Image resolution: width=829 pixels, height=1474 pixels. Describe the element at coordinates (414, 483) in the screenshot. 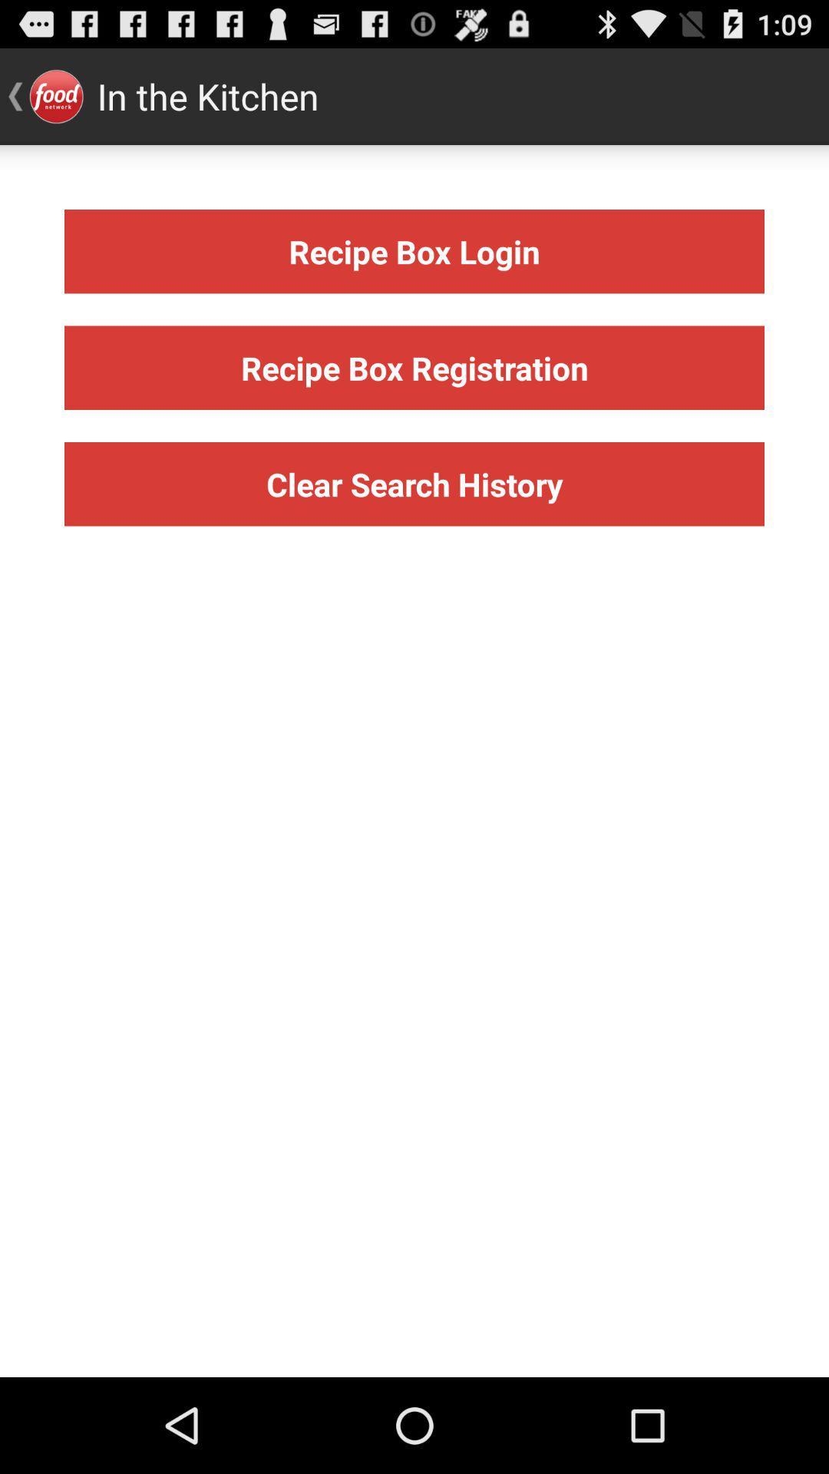

I see `clear search history icon` at that location.